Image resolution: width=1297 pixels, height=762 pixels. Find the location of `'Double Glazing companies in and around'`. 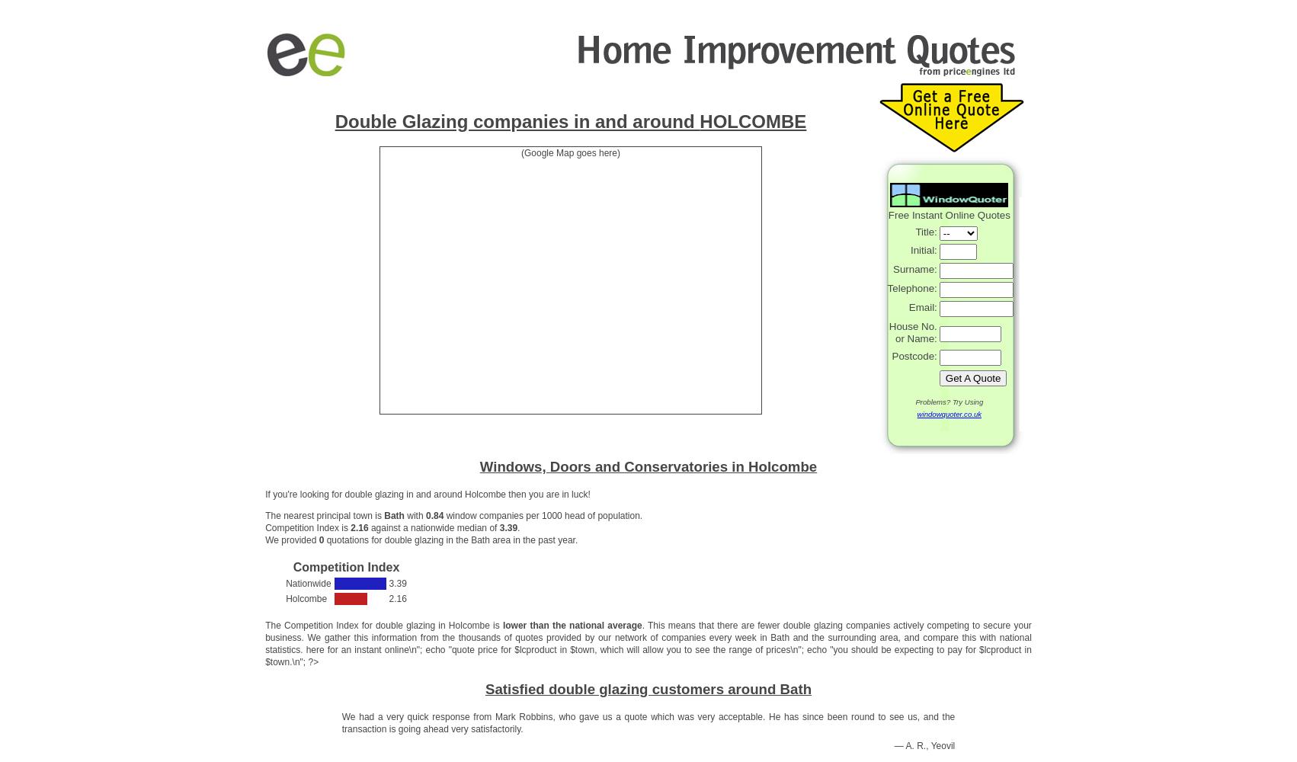

'Double Glazing companies in and around' is located at coordinates (517, 120).